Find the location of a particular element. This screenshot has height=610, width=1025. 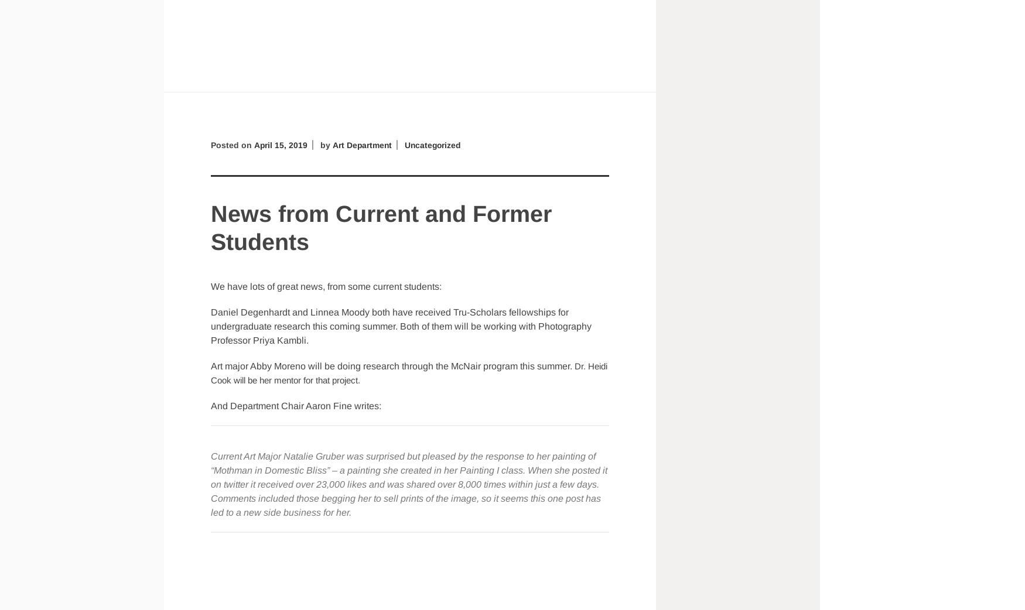

'Art major Abby Moreno will be doing research through the McNair program this summer.' is located at coordinates (392, 365).